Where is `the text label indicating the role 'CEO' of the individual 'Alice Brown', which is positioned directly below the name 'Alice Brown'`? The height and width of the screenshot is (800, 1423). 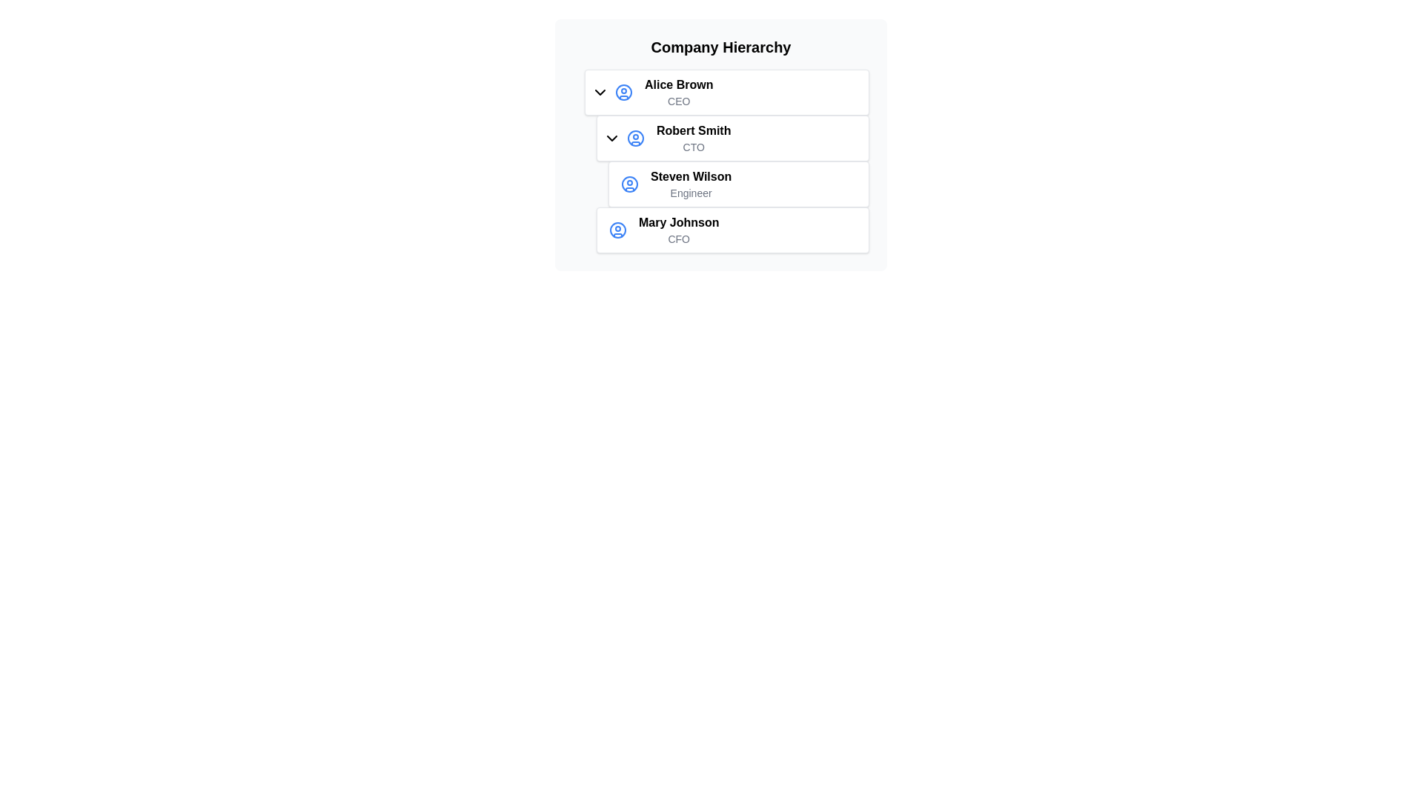 the text label indicating the role 'CEO' of the individual 'Alice Brown', which is positioned directly below the name 'Alice Brown' is located at coordinates (678, 101).